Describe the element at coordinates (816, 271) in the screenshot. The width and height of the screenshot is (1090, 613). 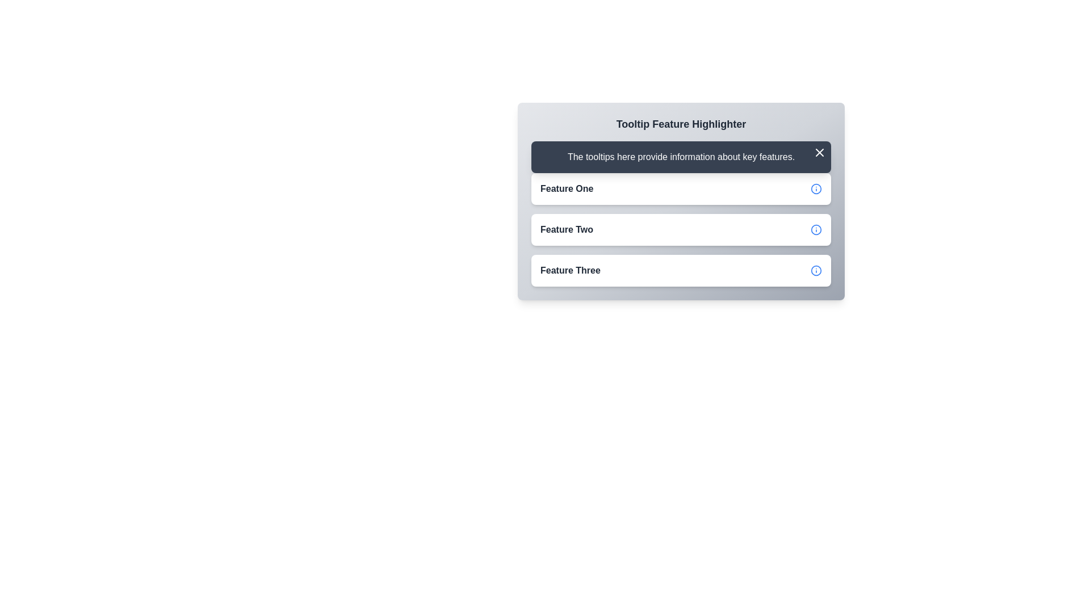
I see `the circular icon in the rightmost area of the 'Feature Three' row, which indicates or highlights information or an action associated with this feature` at that location.